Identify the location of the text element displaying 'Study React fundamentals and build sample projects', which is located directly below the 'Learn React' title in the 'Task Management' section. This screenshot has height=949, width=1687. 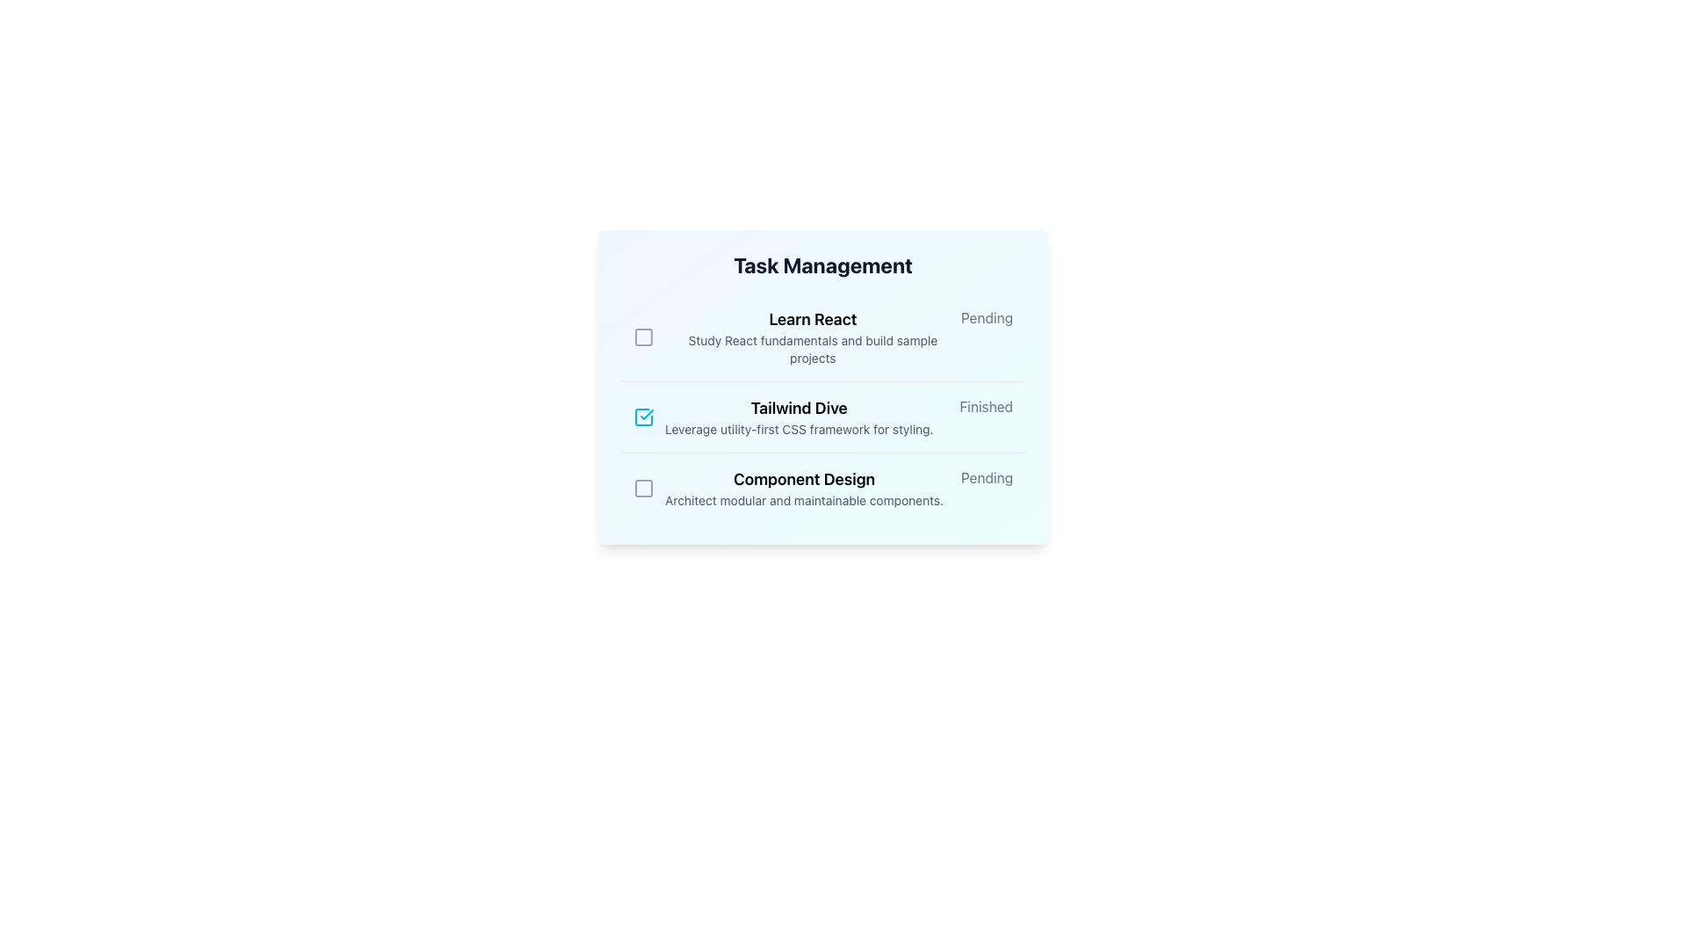
(812, 349).